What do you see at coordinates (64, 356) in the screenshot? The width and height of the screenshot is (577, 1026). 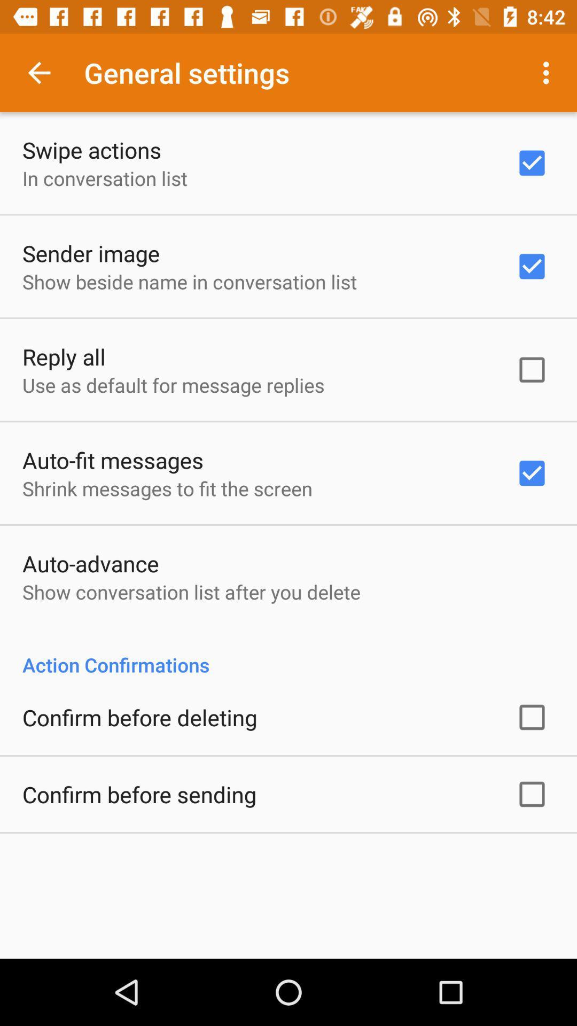 I see `app above use as default` at bounding box center [64, 356].